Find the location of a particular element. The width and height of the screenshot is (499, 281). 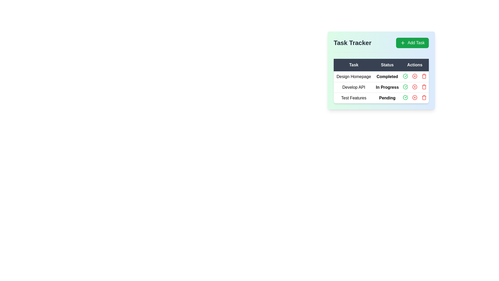

the red trash bin icon button located in the 'Actions' column of the task tracker application for keyboard interactions is located at coordinates (424, 76).